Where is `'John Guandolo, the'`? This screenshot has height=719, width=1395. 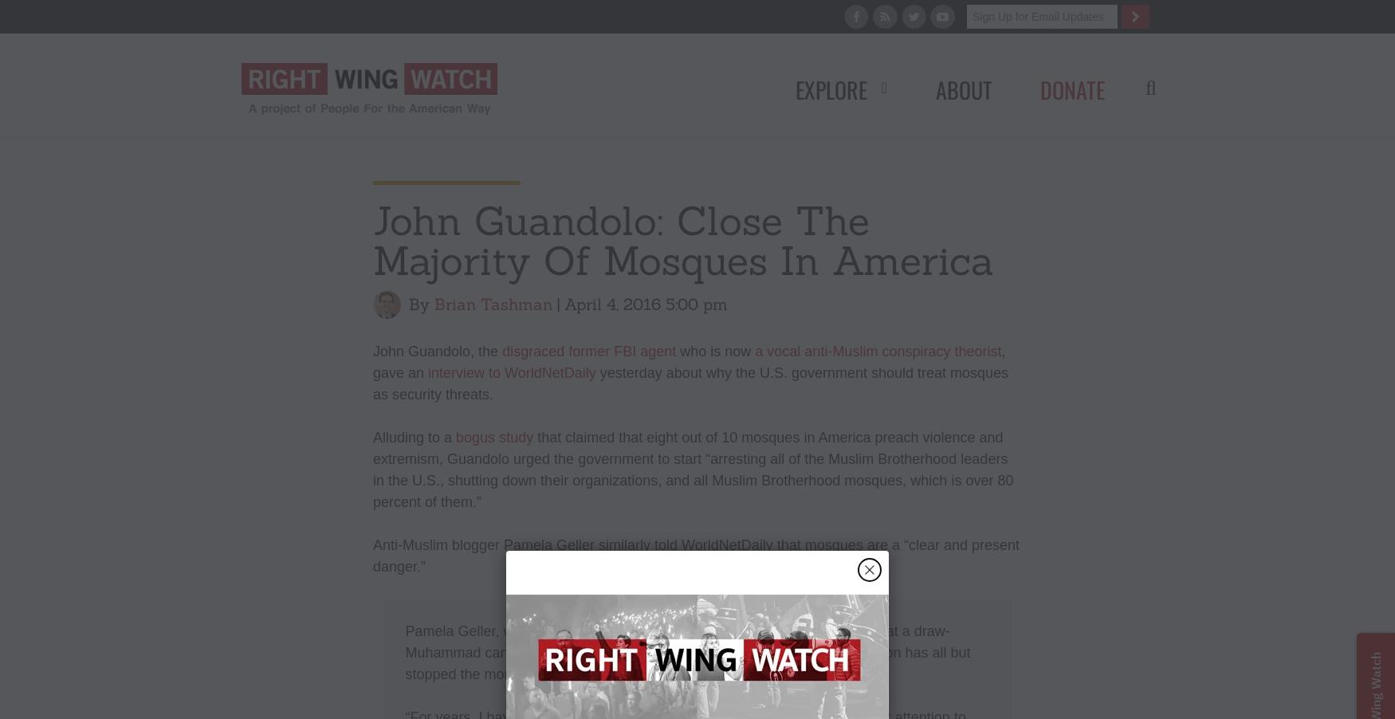 'John Guandolo, the' is located at coordinates (436, 351).